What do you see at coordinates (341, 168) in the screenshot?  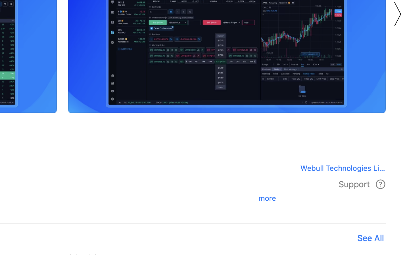 I see `'Webull Technologies Limited'` at bounding box center [341, 168].